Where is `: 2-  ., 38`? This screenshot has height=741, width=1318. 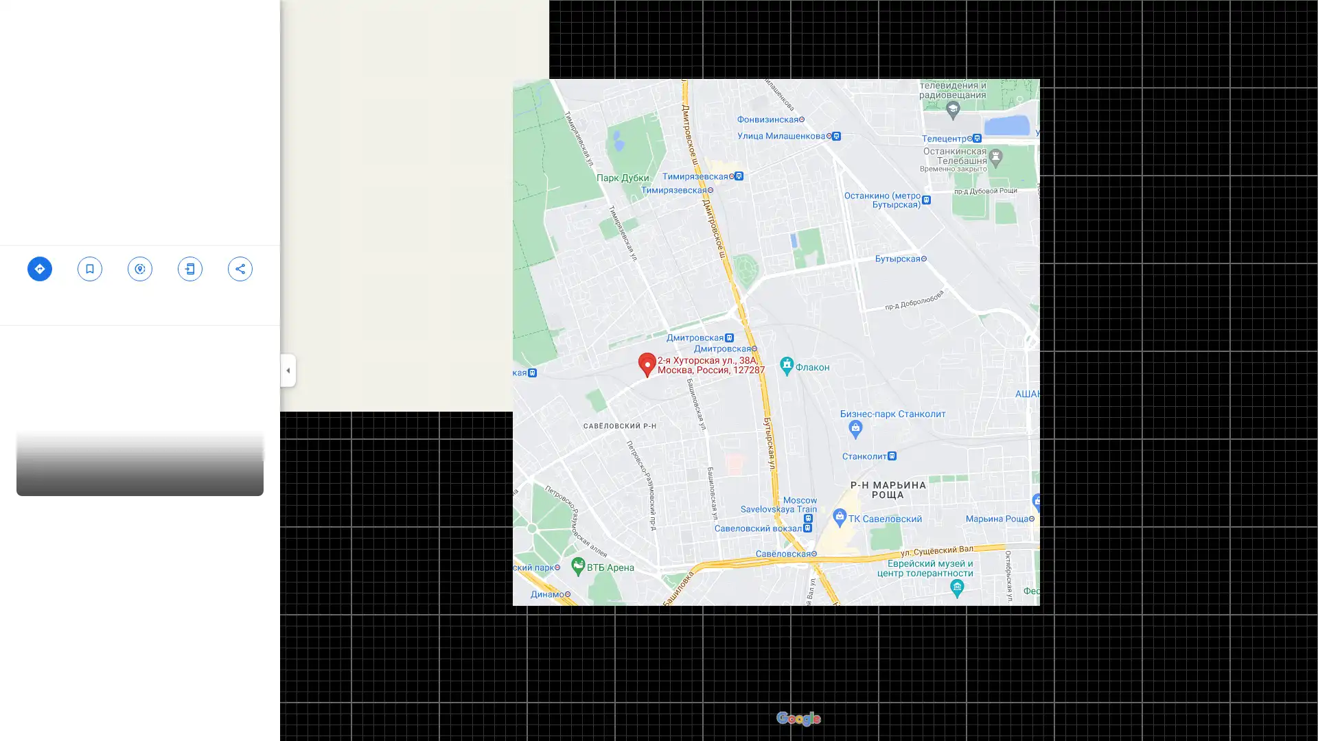
: 2-  ., 38 is located at coordinates (189, 279).